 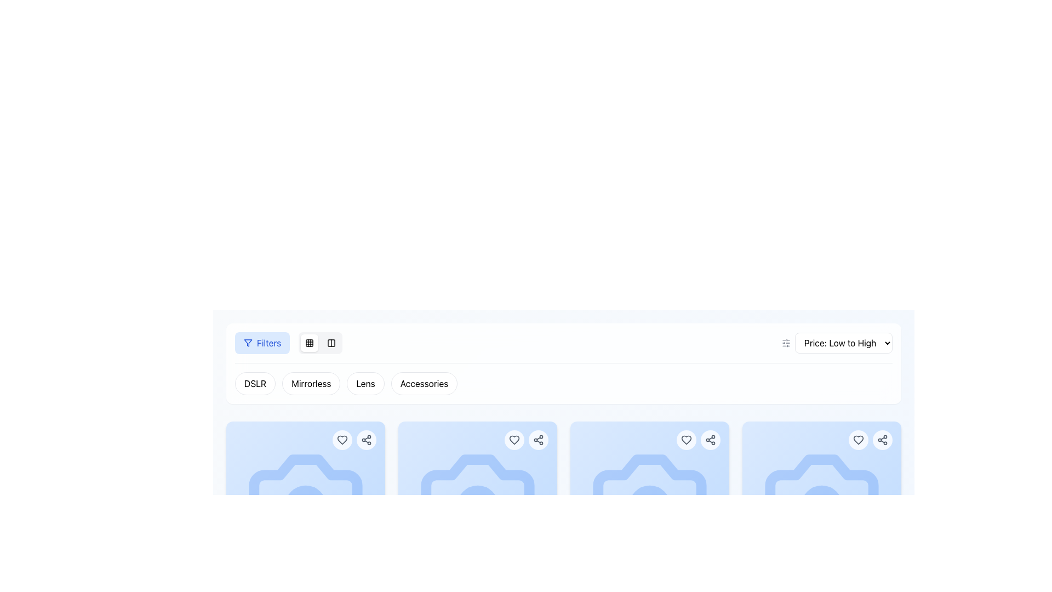 What do you see at coordinates (289, 342) in the screenshot?
I see `the icons in the Composite control group containing the 'Filters' button to switch view modes` at bounding box center [289, 342].